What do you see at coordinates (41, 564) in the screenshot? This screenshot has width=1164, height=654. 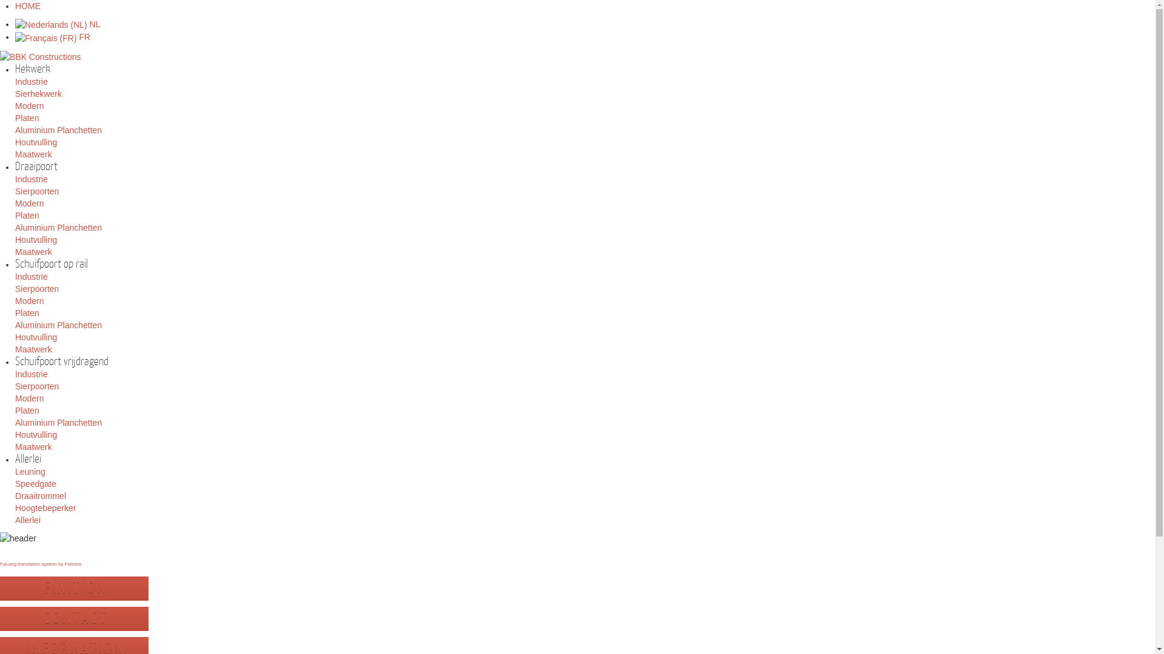 I see `'FaLang translation system by Faboba'` at bounding box center [41, 564].